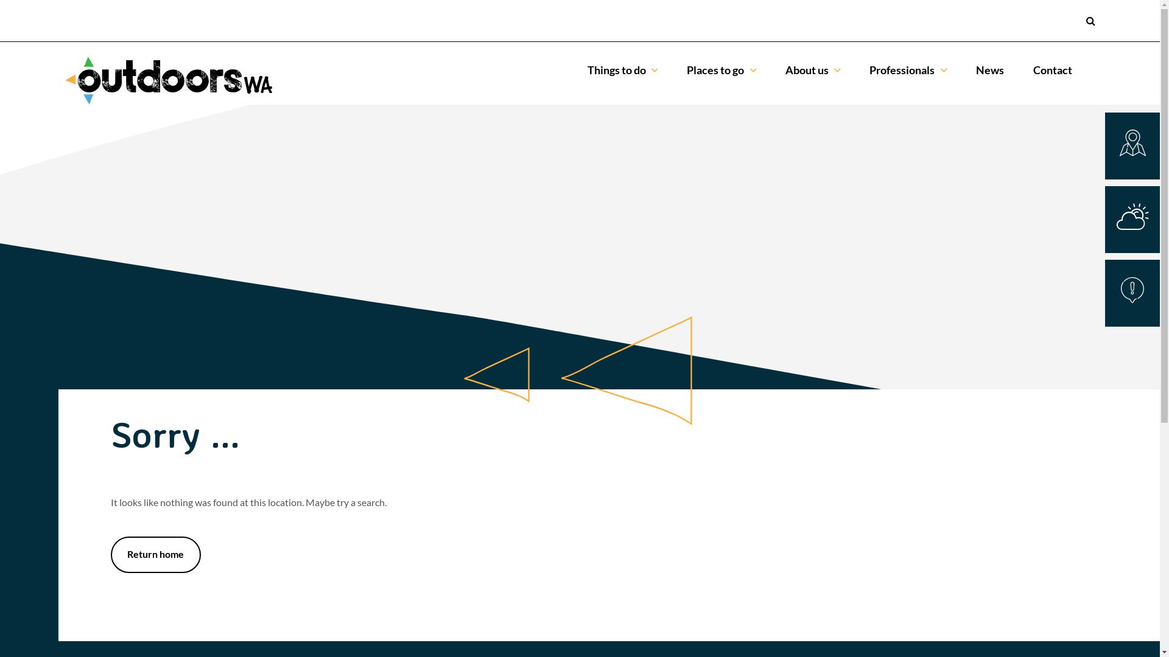 The image size is (1169, 657). Describe the element at coordinates (908, 70) in the screenshot. I see `'Professionals'` at that location.